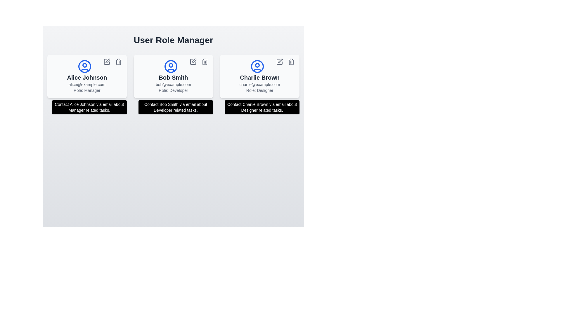 This screenshot has height=315, width=561. What do you see at coordinates (175, 107) in the screenshot?
I see `information displayed in the tooltip located directly beneath the profile card for 'Bob Smith', which provides additional instructions for contacting via email for developer tasks` at bounding box center [175, 107].